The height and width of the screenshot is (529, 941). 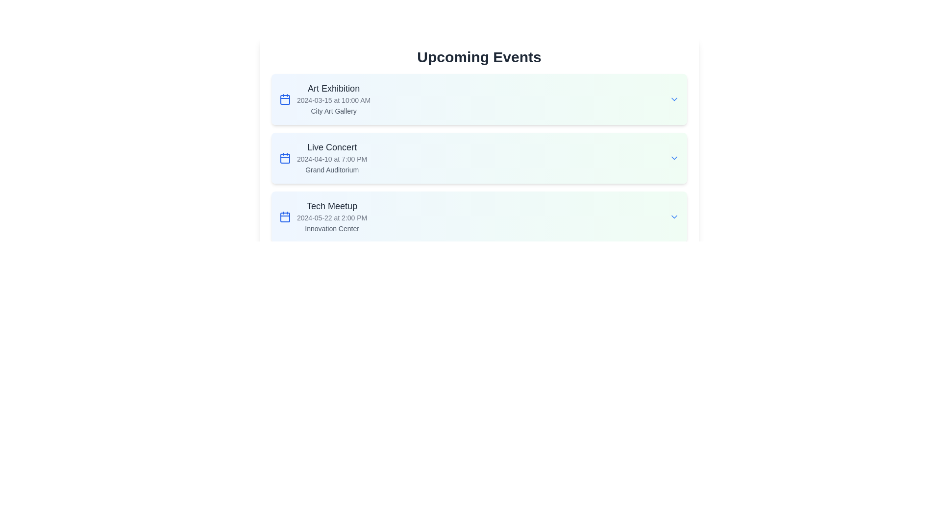 I want to click on the chevron icon located at the far right of the 'Tech Meetup' event item to provide feedback or display additional options, so click(x=674, y=216).